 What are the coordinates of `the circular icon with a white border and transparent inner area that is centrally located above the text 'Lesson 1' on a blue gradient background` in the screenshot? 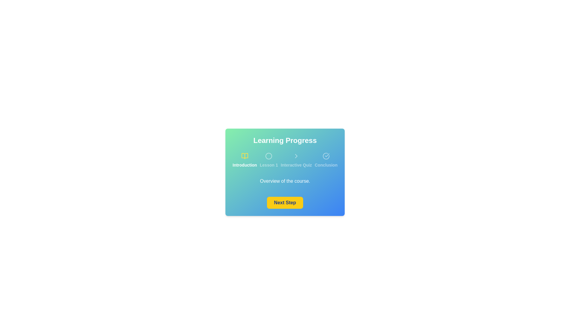 It's located at (268, 156).